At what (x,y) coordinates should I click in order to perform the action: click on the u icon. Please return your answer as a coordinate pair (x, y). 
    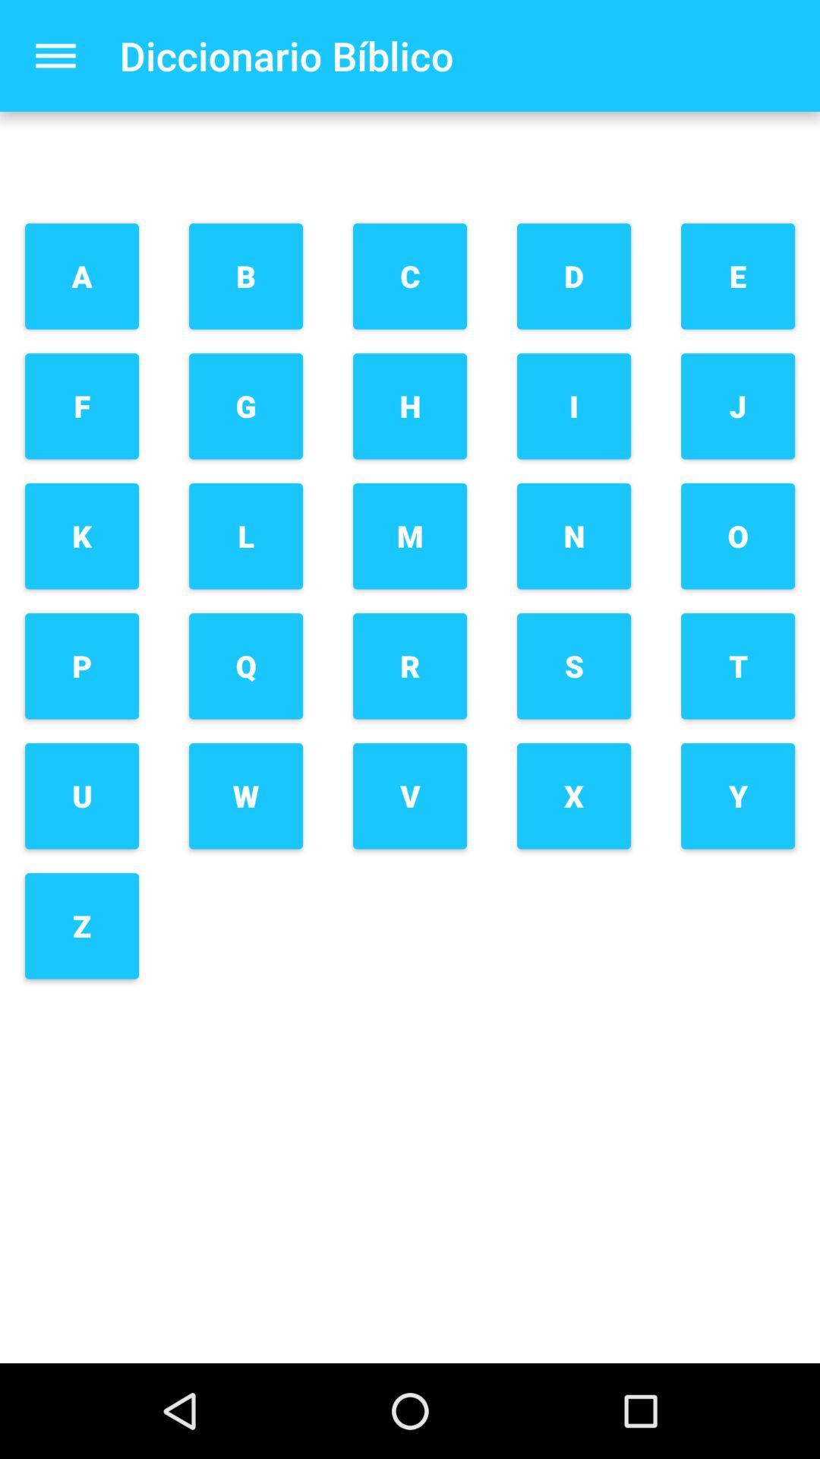
    Looking at the image, I should click on (82, 795).